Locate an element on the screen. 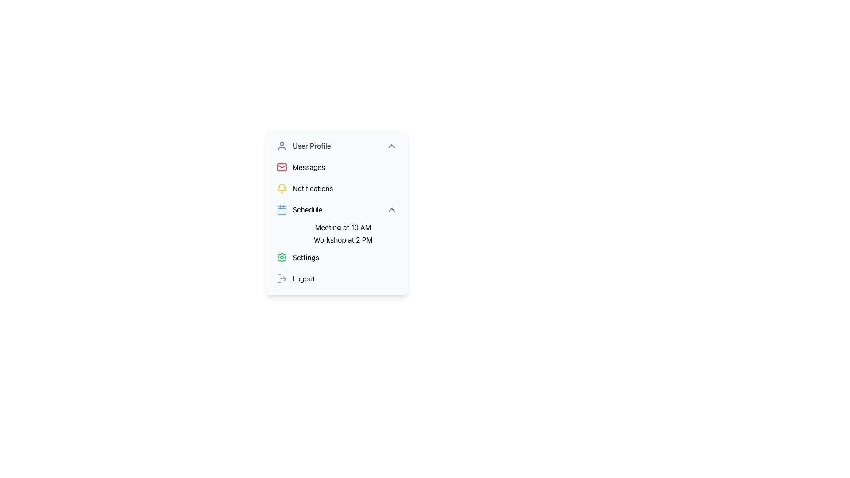  the text label that reads 'Workshop at 2 PM' under the 'Schedule' section of the navigation menu is located at coordinates (342, 240).